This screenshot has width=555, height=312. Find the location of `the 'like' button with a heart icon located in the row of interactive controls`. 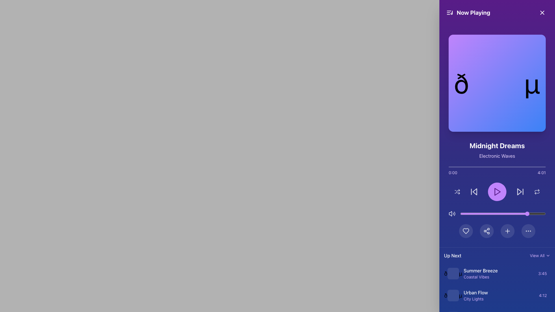

the 'like' button with a heart icon located in the row of interactive controls is located at coordinates (466, 231).